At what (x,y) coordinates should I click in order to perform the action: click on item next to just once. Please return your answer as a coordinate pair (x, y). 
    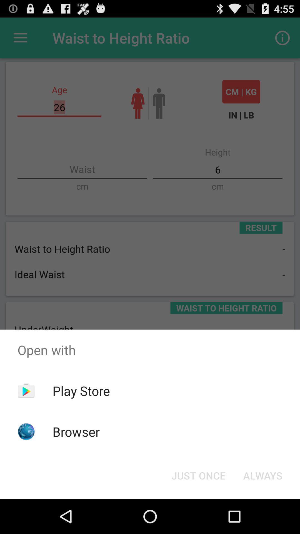
    Looking at the image, I should click on (262, 475).